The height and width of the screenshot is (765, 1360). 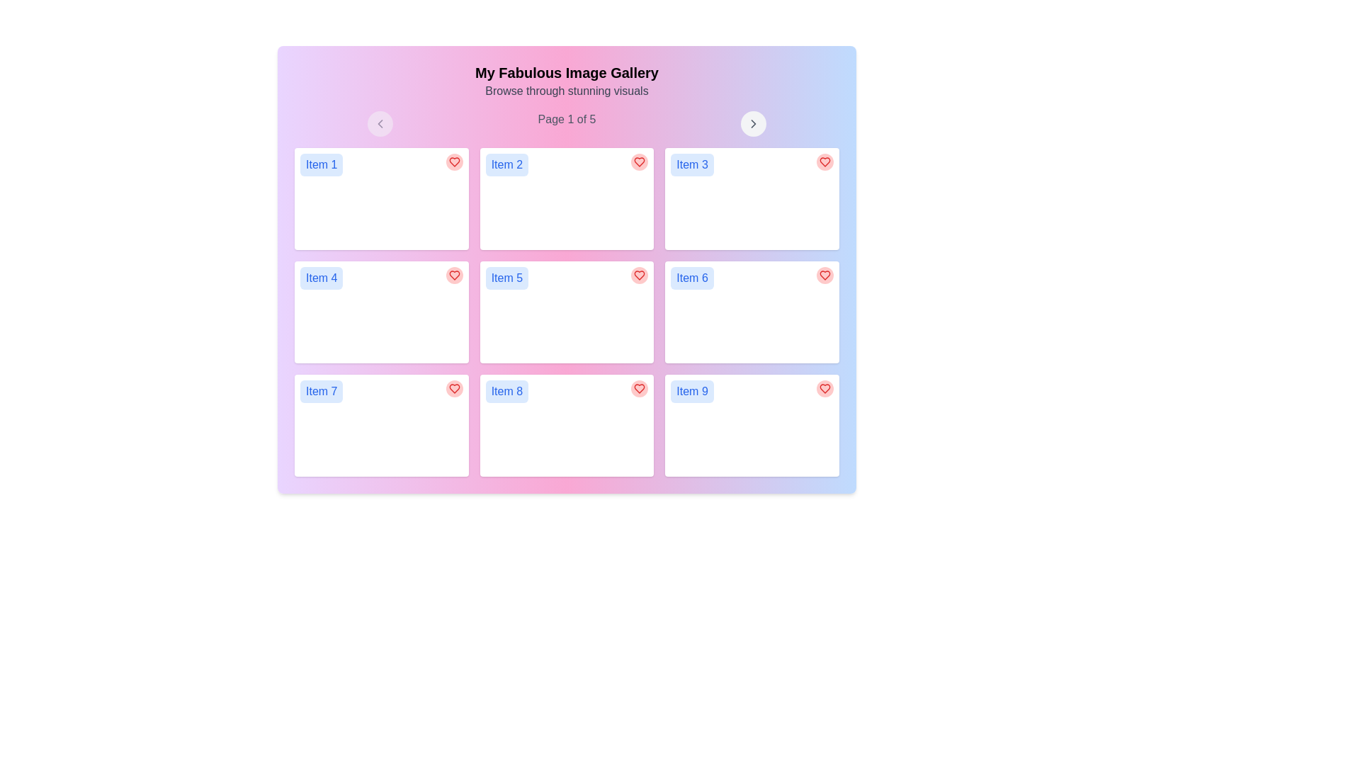 I want to click on the heart icon located in the top-right corner of the card labeled 'Item 8', so click(x=639, y=388).